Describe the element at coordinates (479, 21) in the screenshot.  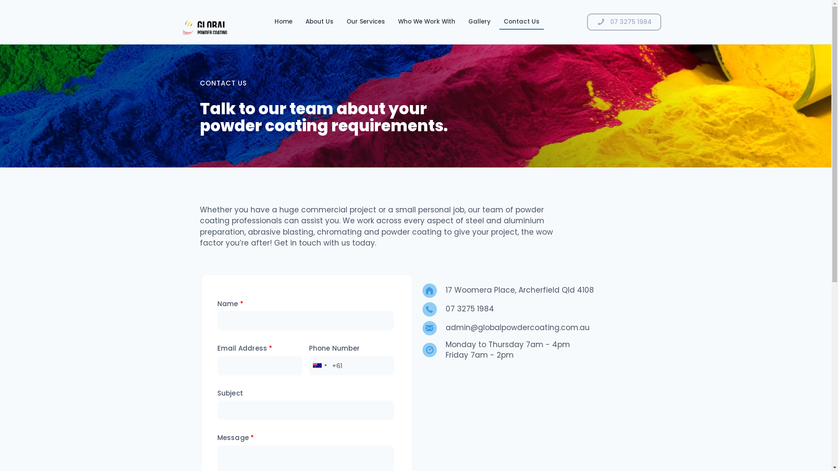
I see `'Gallery'` at that location.